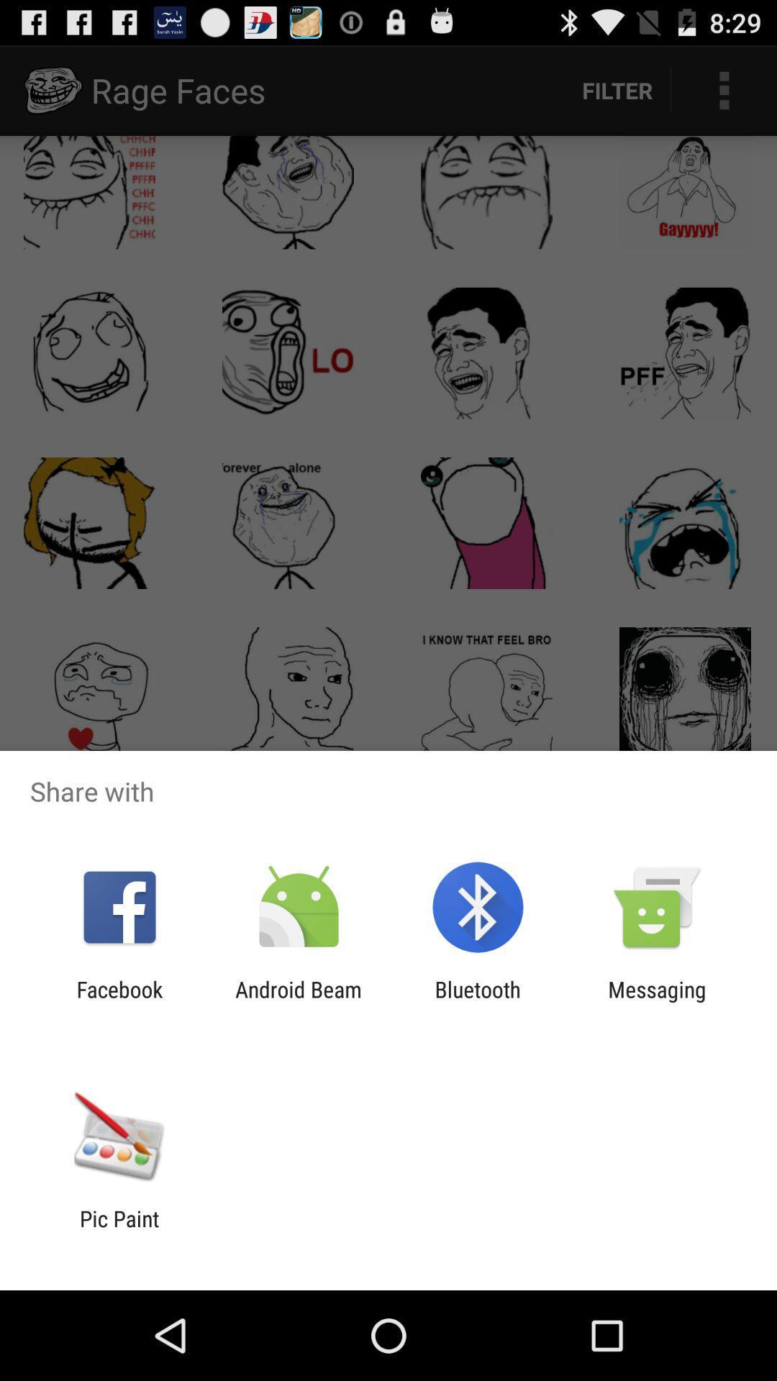 The image size is (777, 1381). Describe the element at coordinates (298, 1001) in the screenshot. I see `android beam app` at that location.